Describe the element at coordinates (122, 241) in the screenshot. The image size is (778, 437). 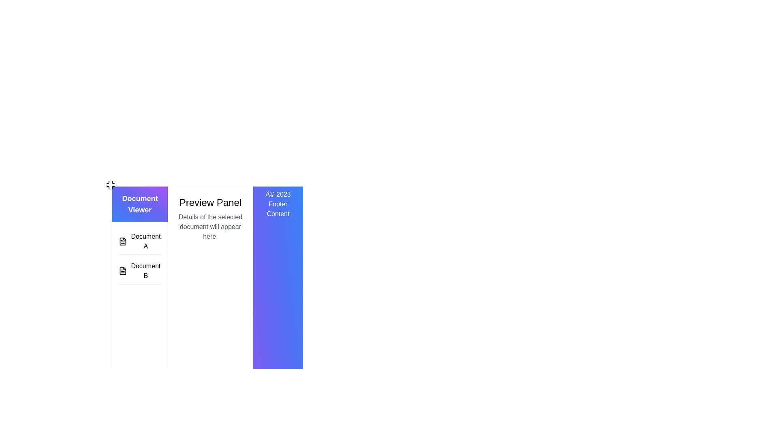
I see `the document icon in the 'Document Viewer' section, which is the first icon in the list and resembles a document with a folded corner` at that location.